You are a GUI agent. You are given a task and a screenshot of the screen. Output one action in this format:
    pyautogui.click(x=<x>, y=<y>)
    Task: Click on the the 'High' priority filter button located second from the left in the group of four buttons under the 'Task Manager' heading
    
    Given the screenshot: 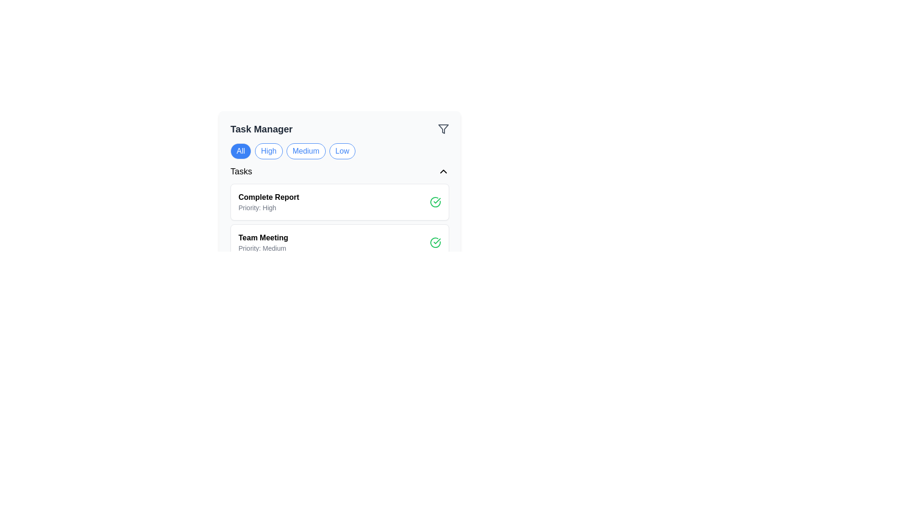 What is the action you would take?
    pyautogui.click(x=268, y=150)
    